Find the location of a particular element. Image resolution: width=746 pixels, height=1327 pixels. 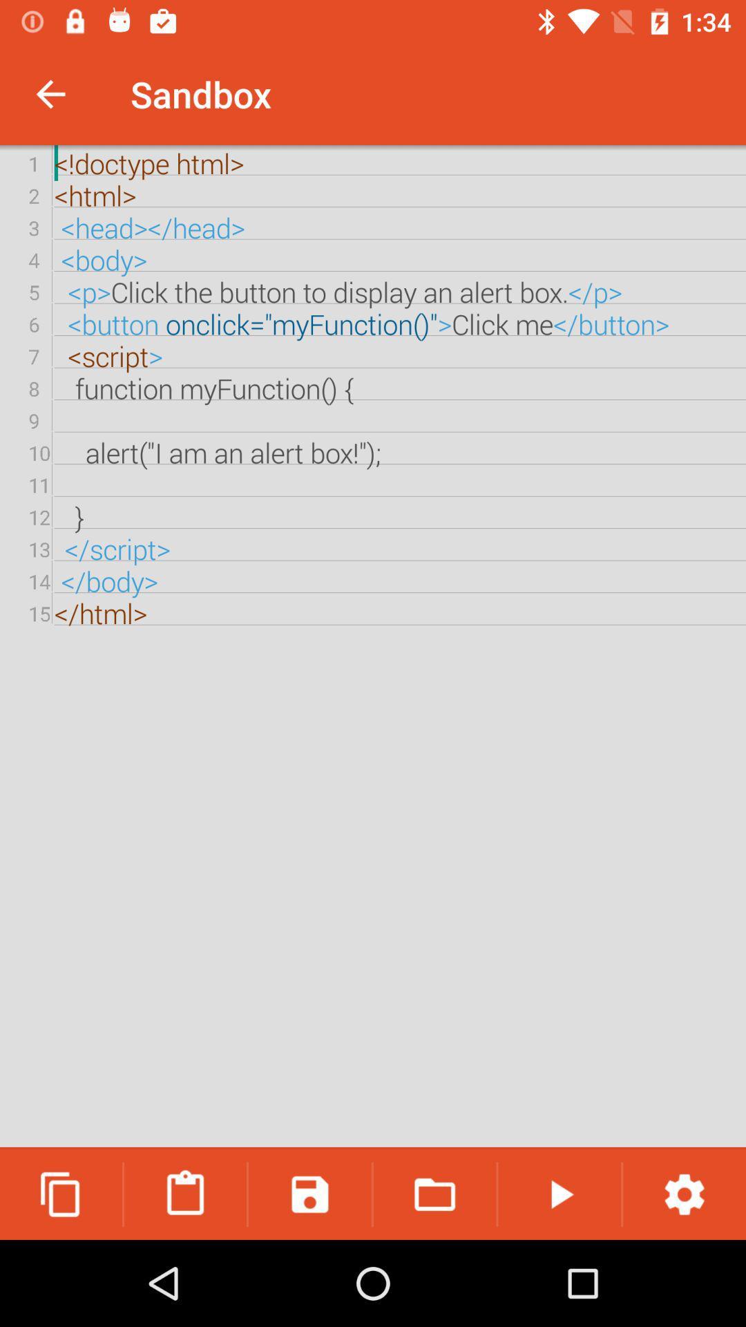

the icon below the doctype html html is located at coordinates (184, 1194).